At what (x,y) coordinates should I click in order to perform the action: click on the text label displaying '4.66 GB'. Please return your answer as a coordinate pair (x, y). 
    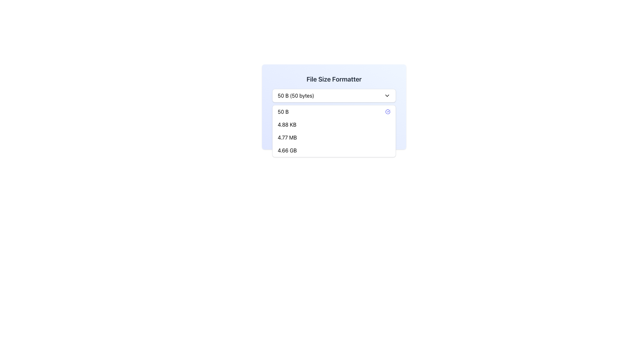
    Looking at the image, I should click on (287, 150).